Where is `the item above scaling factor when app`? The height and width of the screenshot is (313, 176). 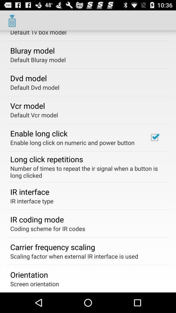 the item above scaling factor when app is located at coordinates (52, 246).